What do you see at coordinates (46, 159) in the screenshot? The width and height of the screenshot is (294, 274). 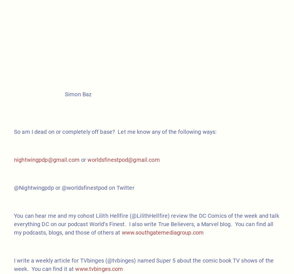 I see `'nightwingpdp@gmail.com'` at bounding box center [46, 159].